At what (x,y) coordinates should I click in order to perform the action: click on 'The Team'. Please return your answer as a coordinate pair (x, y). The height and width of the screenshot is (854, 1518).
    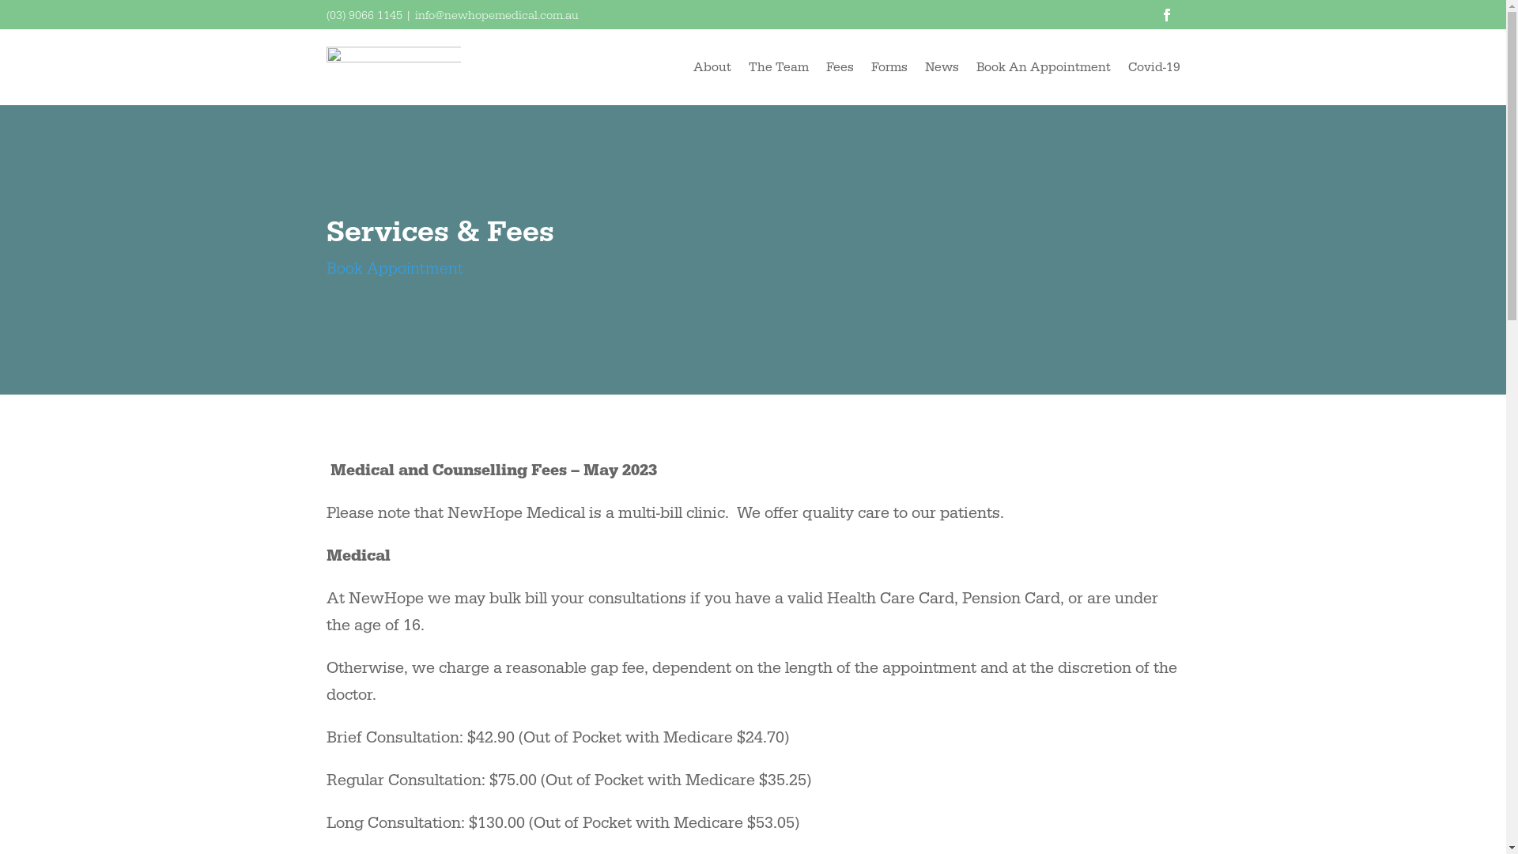
    Looking at the image, I should click on (777, 66).